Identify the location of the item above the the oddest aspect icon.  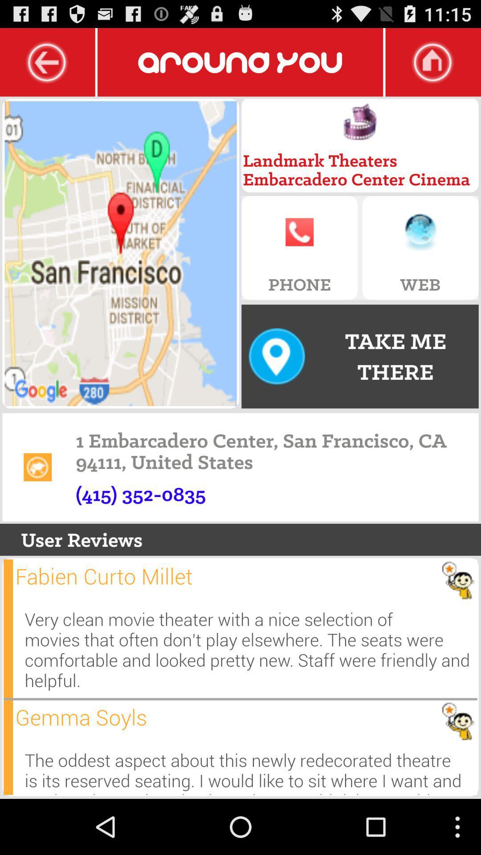
(81, 717).